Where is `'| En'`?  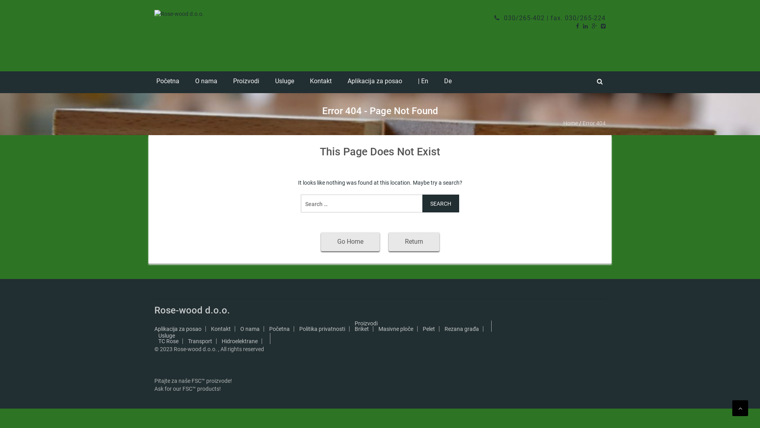
'| En' is located at coordinates (423, 82).